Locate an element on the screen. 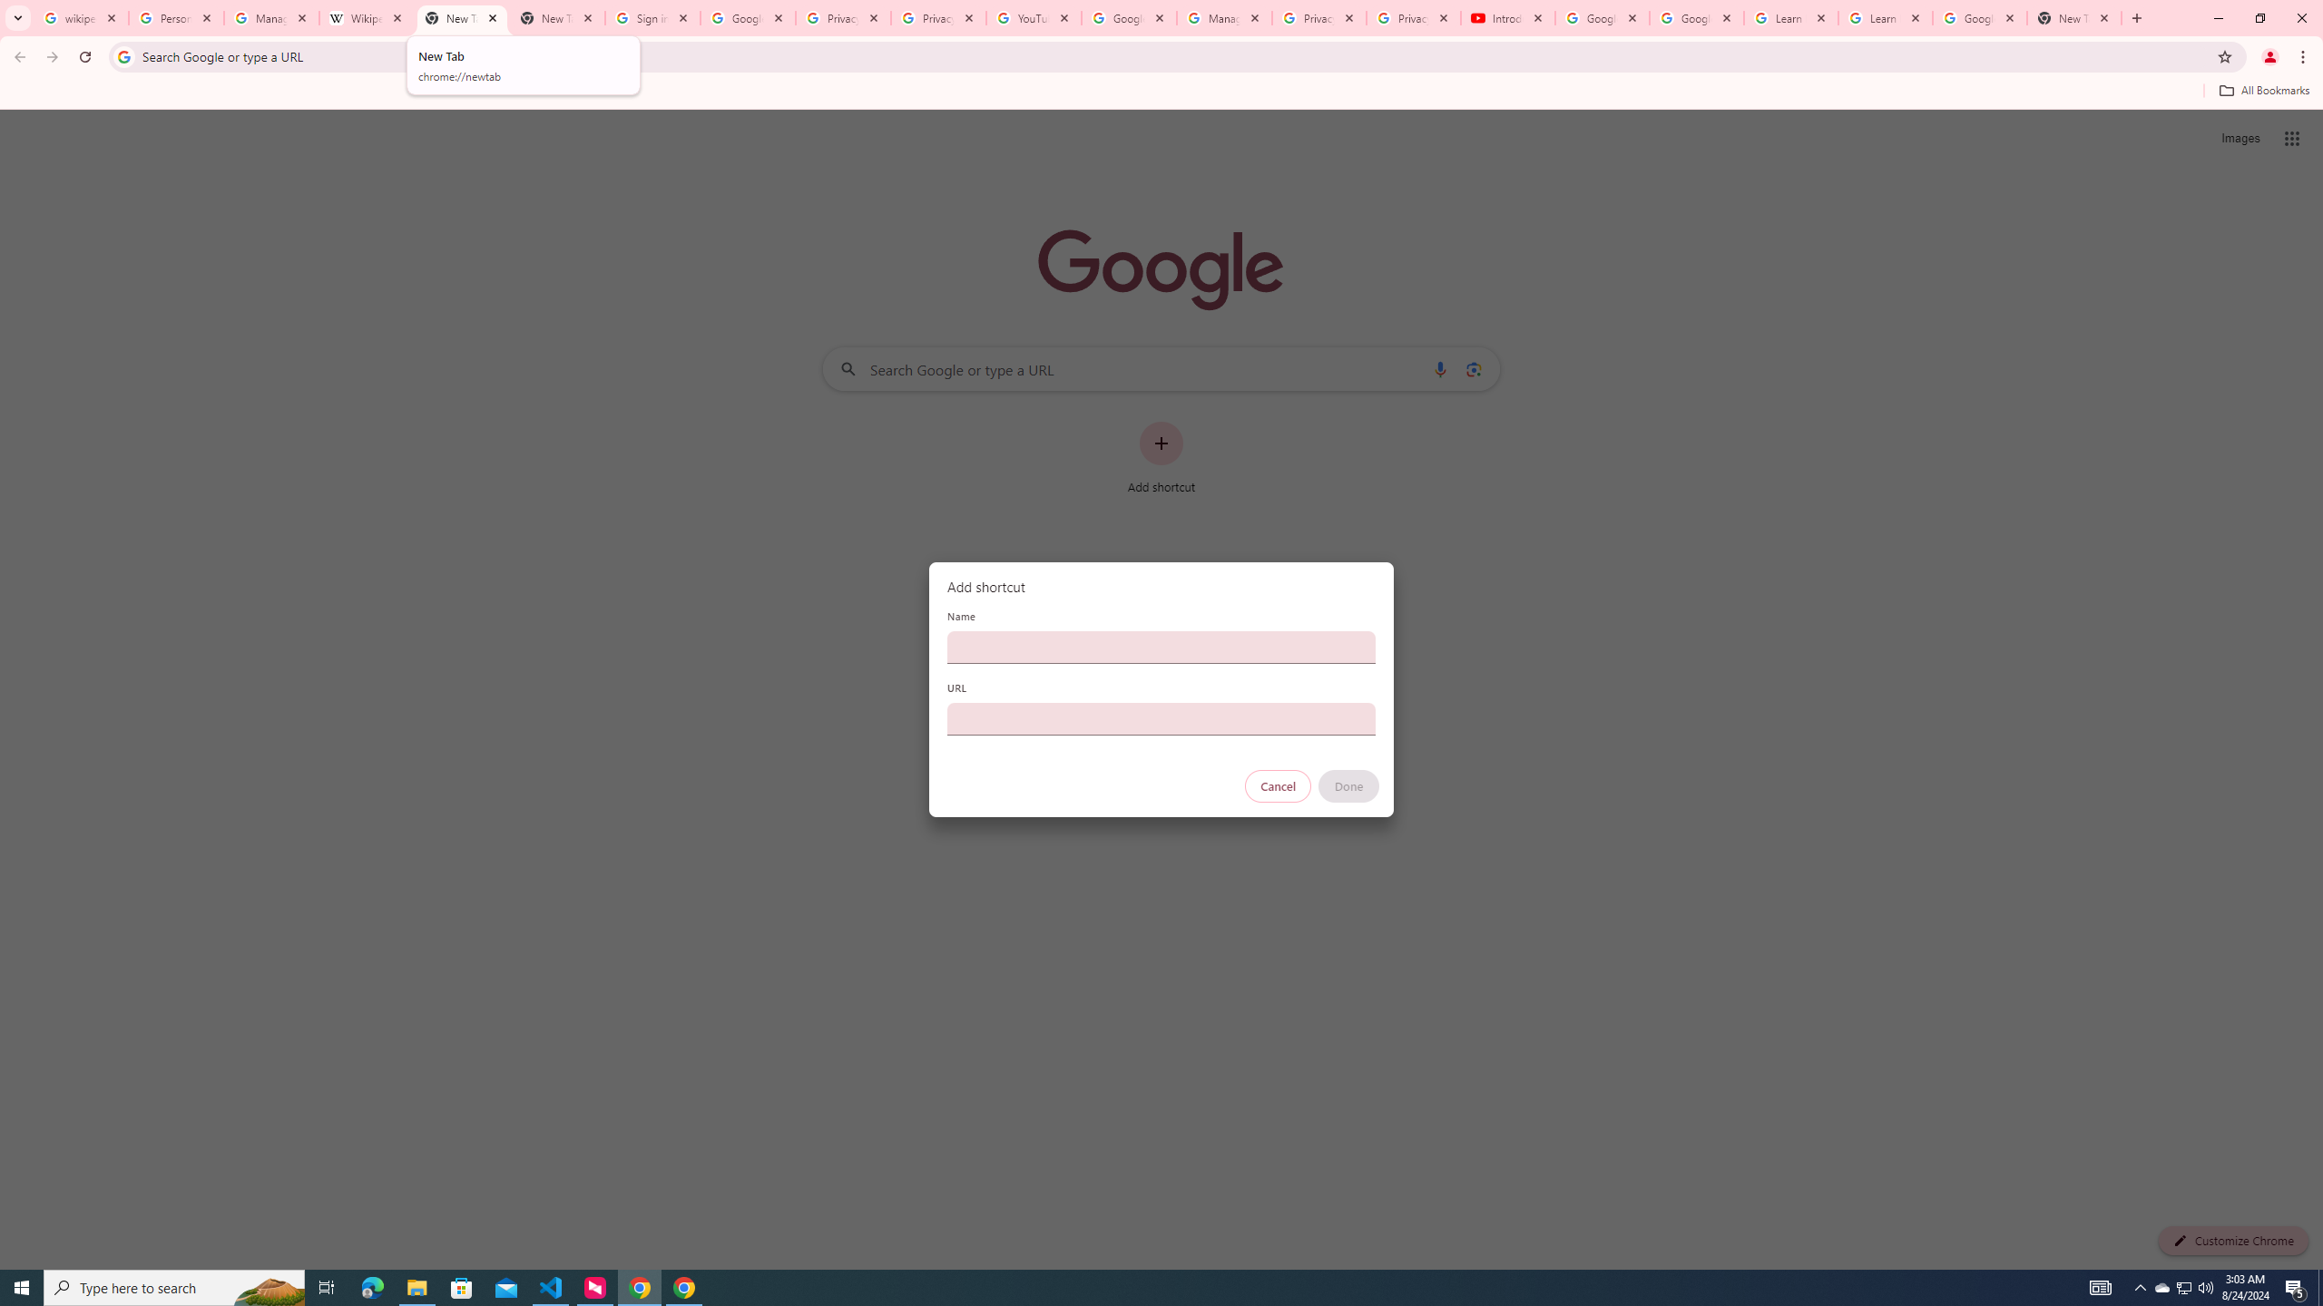 This screenshot has height=1306, width=2323. 'New Tab' is located at coordinates (2074, 17).